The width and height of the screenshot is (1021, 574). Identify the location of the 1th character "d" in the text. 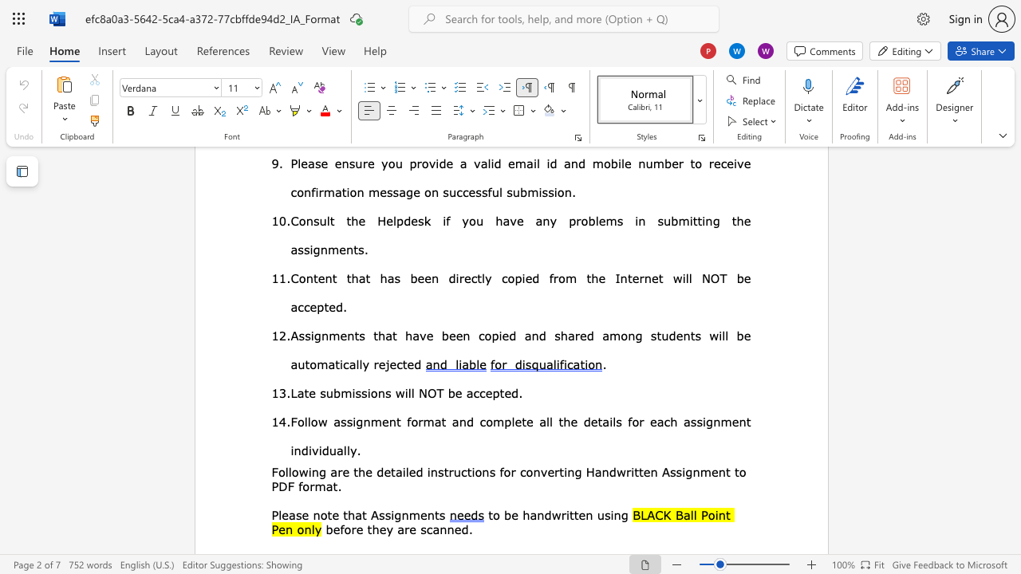
(469, 420).